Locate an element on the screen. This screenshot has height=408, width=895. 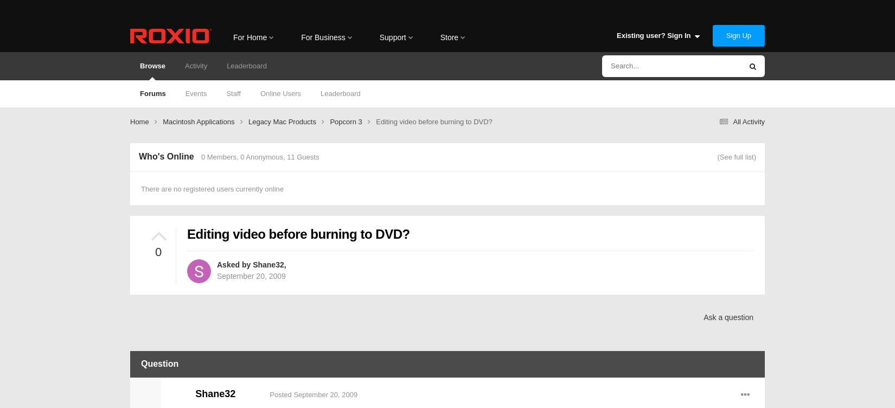
'(See full list)' is located at coordinates (716, 156).